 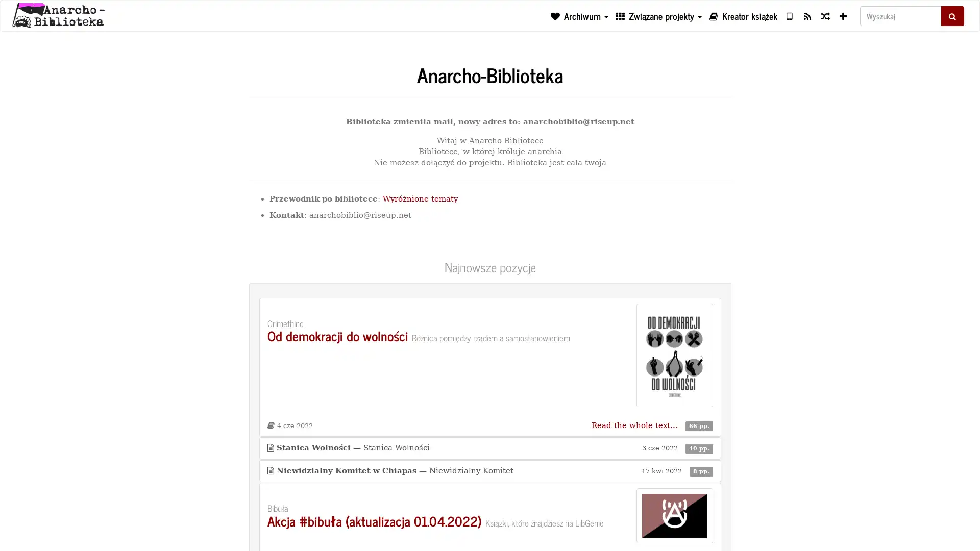 I want to click on Wyszukaj, so click(x=952, y=15).